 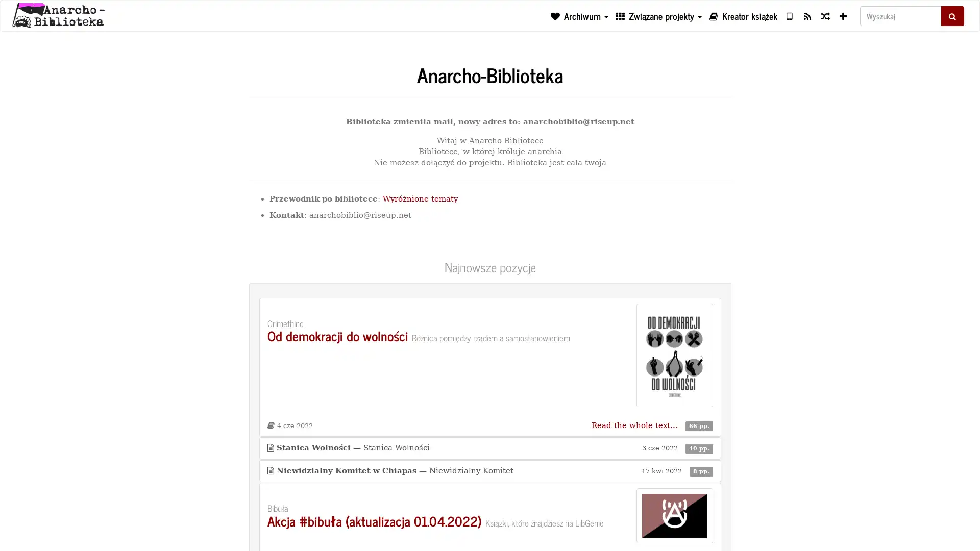 I want to click on Wyszukaj, so click(x=952, y=15).